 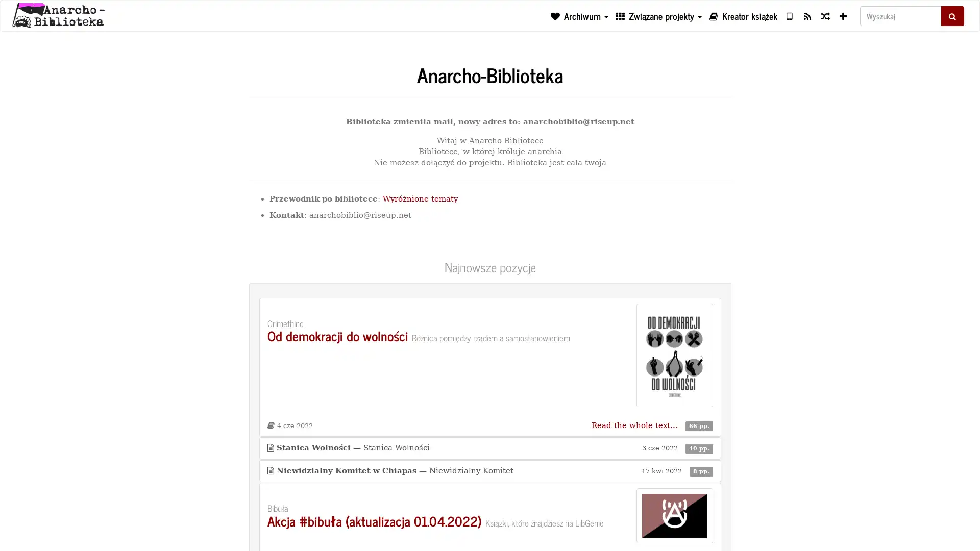 I want to click on Wyszukaj, so click(x=952, y=15).